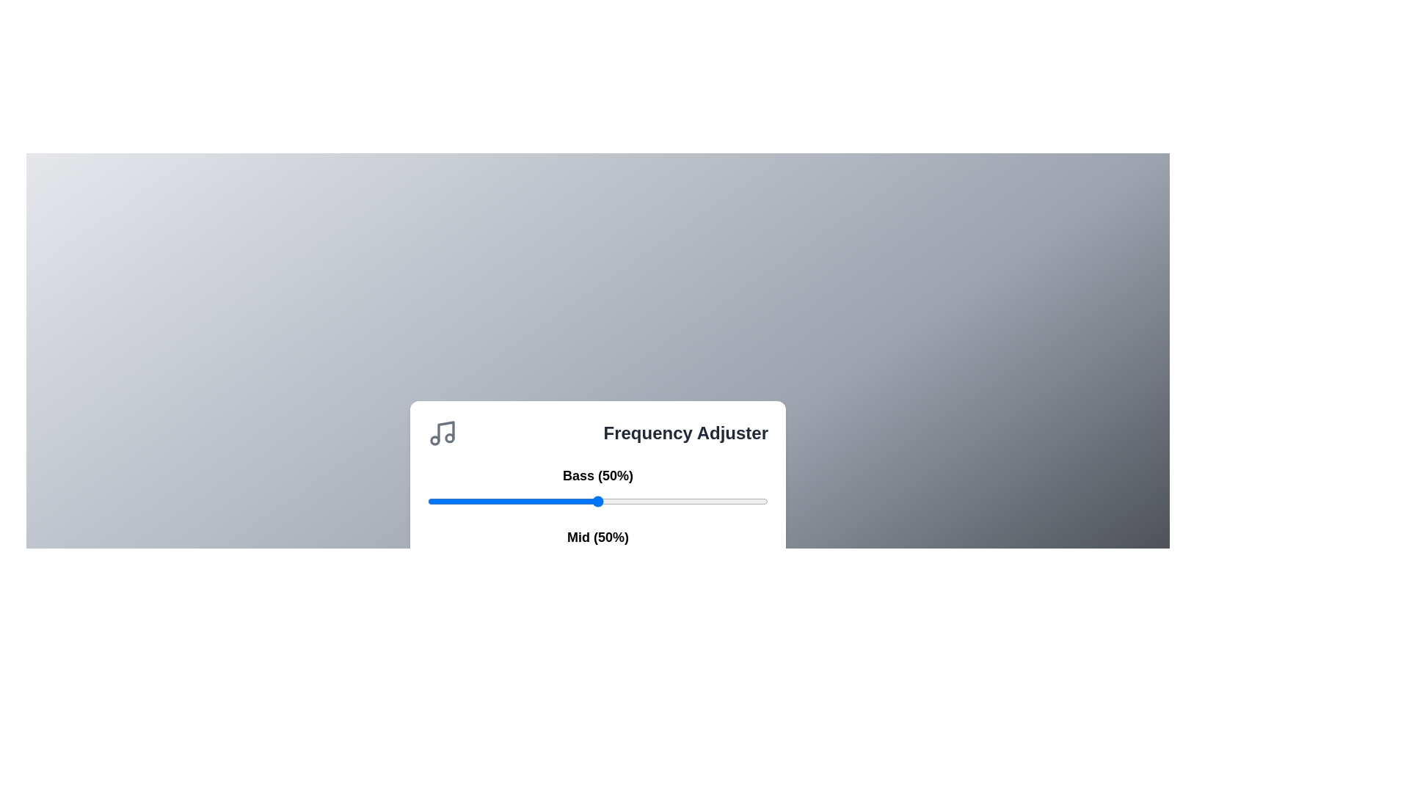 This screenshot has height=792, width=1409. What do you see at coordinates (442, 432) in the screenshot?
I see `the music icon` at bounding box center [442, 432].